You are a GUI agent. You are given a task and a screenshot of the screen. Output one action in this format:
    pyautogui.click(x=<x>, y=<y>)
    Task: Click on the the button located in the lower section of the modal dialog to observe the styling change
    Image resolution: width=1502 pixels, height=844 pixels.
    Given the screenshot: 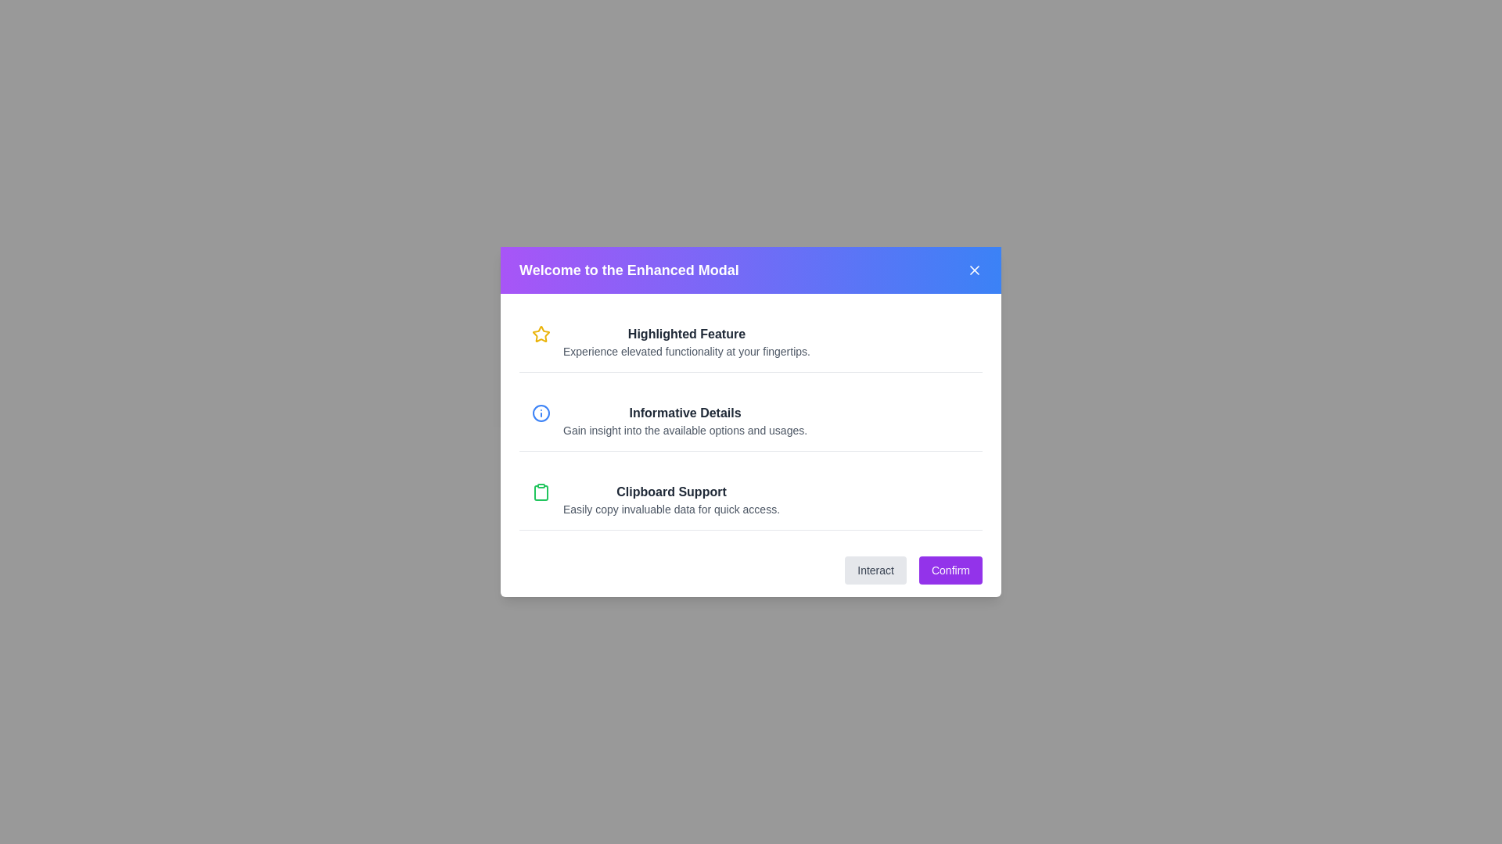 What is the action you would take?
    pyautogui.click(x=875, y=570)
    